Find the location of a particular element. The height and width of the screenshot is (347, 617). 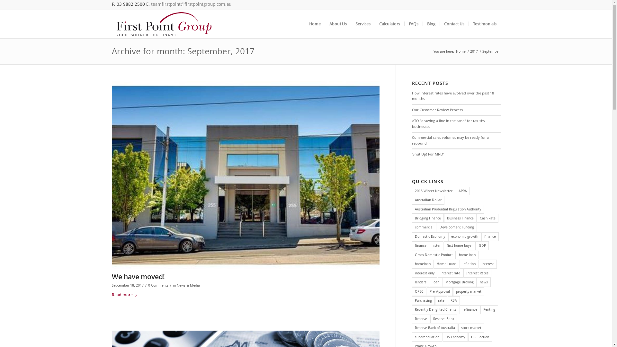

'superannuation' is located at coordinates (427, 337).